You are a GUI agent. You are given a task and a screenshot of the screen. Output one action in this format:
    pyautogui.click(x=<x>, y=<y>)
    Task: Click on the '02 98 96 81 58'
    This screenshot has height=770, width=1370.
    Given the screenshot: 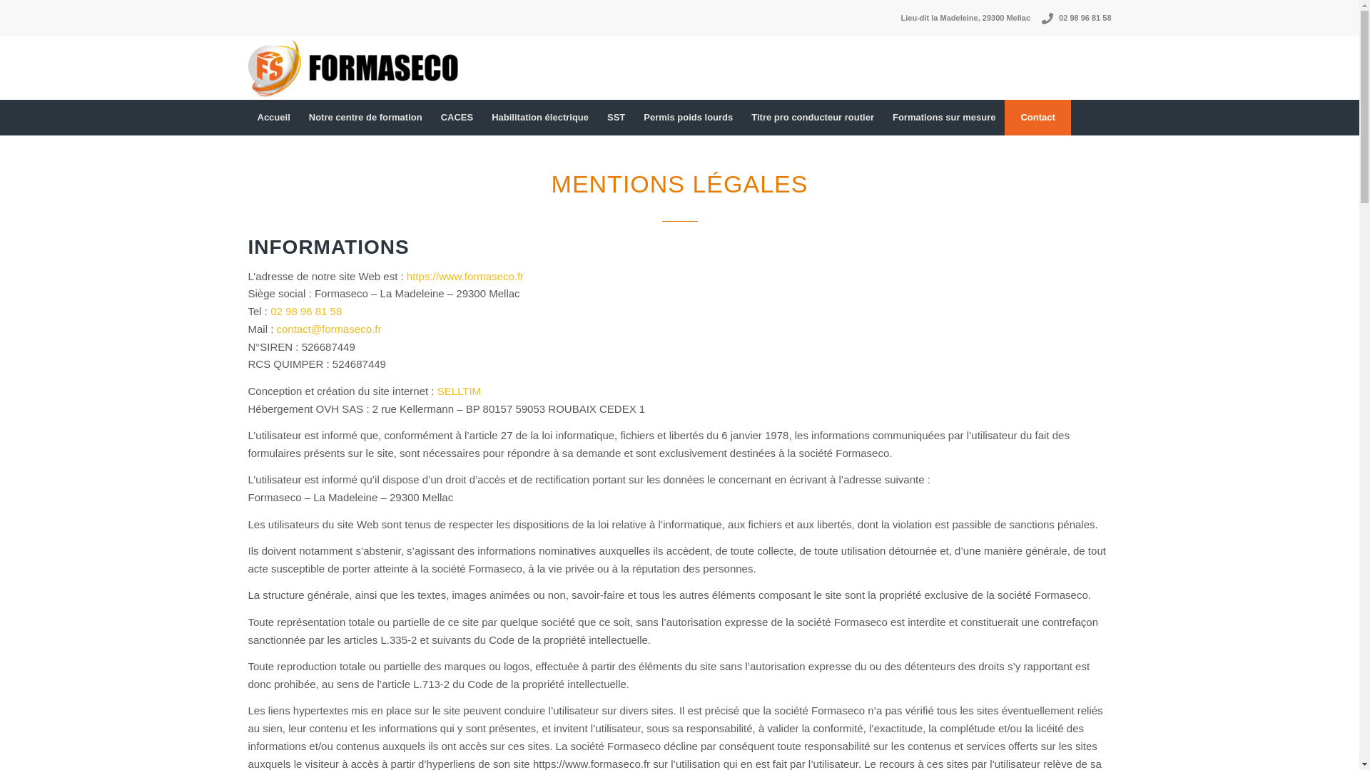 What is the action you would take?
    pyautogui.click(x=305, y=310)
    